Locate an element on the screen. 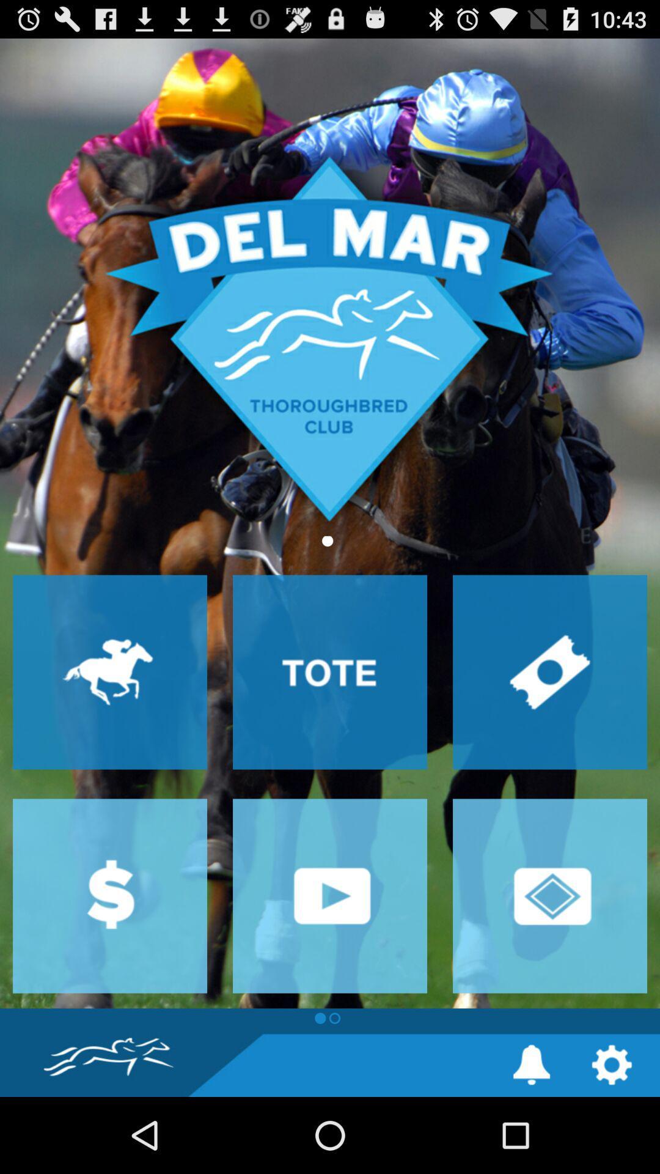 This screenshot has height=1174, width=660. races is located at coordinates (110, 671).